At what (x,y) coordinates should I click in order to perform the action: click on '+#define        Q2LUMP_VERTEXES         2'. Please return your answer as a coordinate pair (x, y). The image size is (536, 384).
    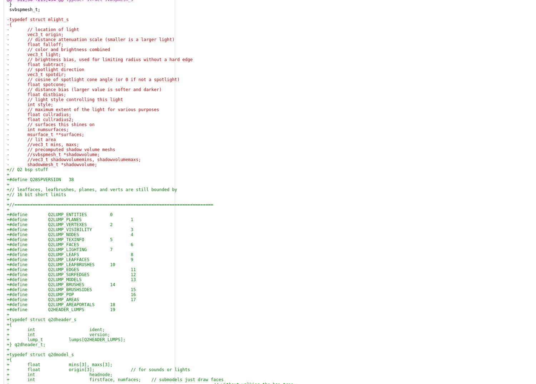
    Looking at the image, I should click on (59, 224).